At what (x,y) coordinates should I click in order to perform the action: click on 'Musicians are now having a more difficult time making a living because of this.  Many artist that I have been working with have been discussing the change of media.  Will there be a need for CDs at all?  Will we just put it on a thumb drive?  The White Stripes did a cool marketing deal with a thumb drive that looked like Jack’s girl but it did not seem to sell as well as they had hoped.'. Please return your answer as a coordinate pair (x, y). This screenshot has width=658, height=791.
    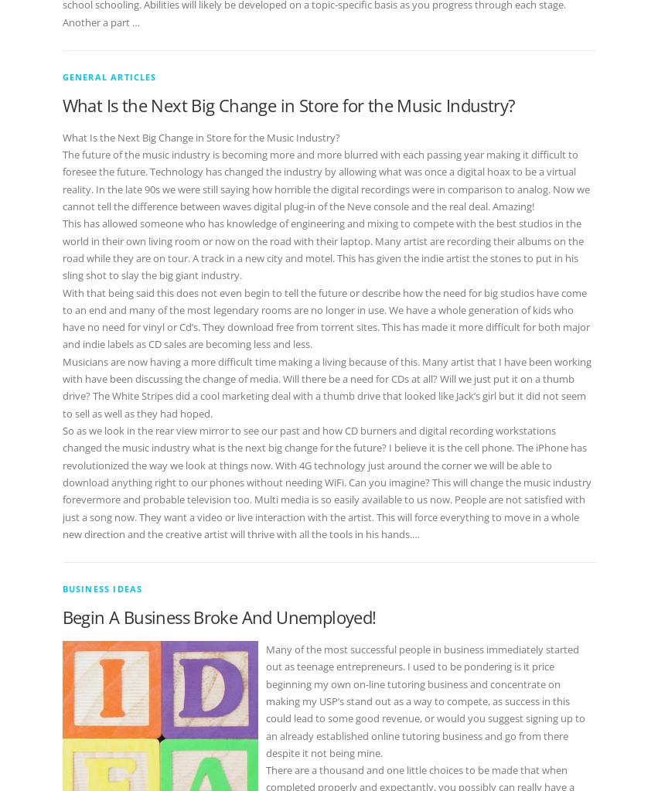
    Looking at the image, I should click on (326, 387).